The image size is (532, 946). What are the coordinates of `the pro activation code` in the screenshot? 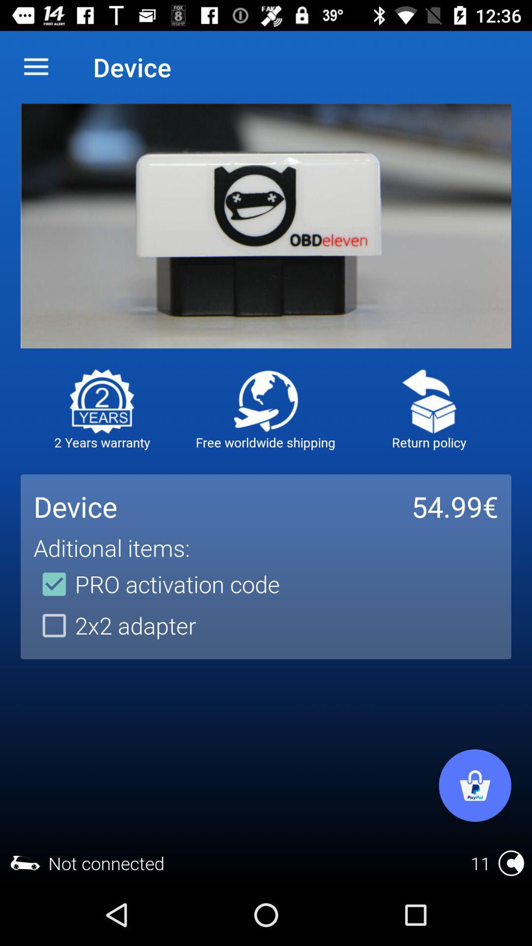 It's located at (156, 584).